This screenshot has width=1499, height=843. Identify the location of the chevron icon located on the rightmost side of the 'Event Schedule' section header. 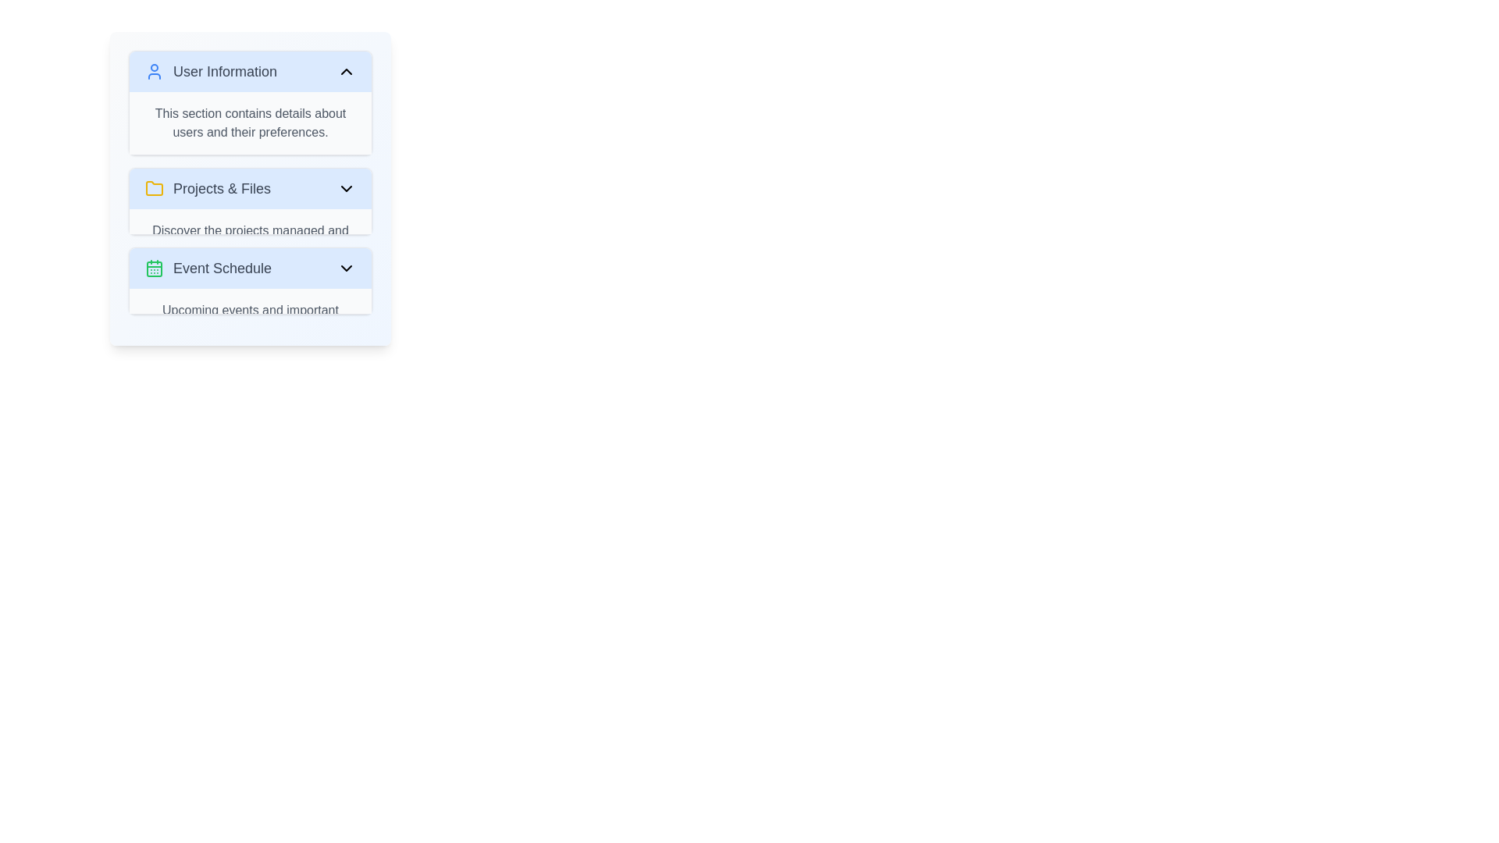
(346, 267).